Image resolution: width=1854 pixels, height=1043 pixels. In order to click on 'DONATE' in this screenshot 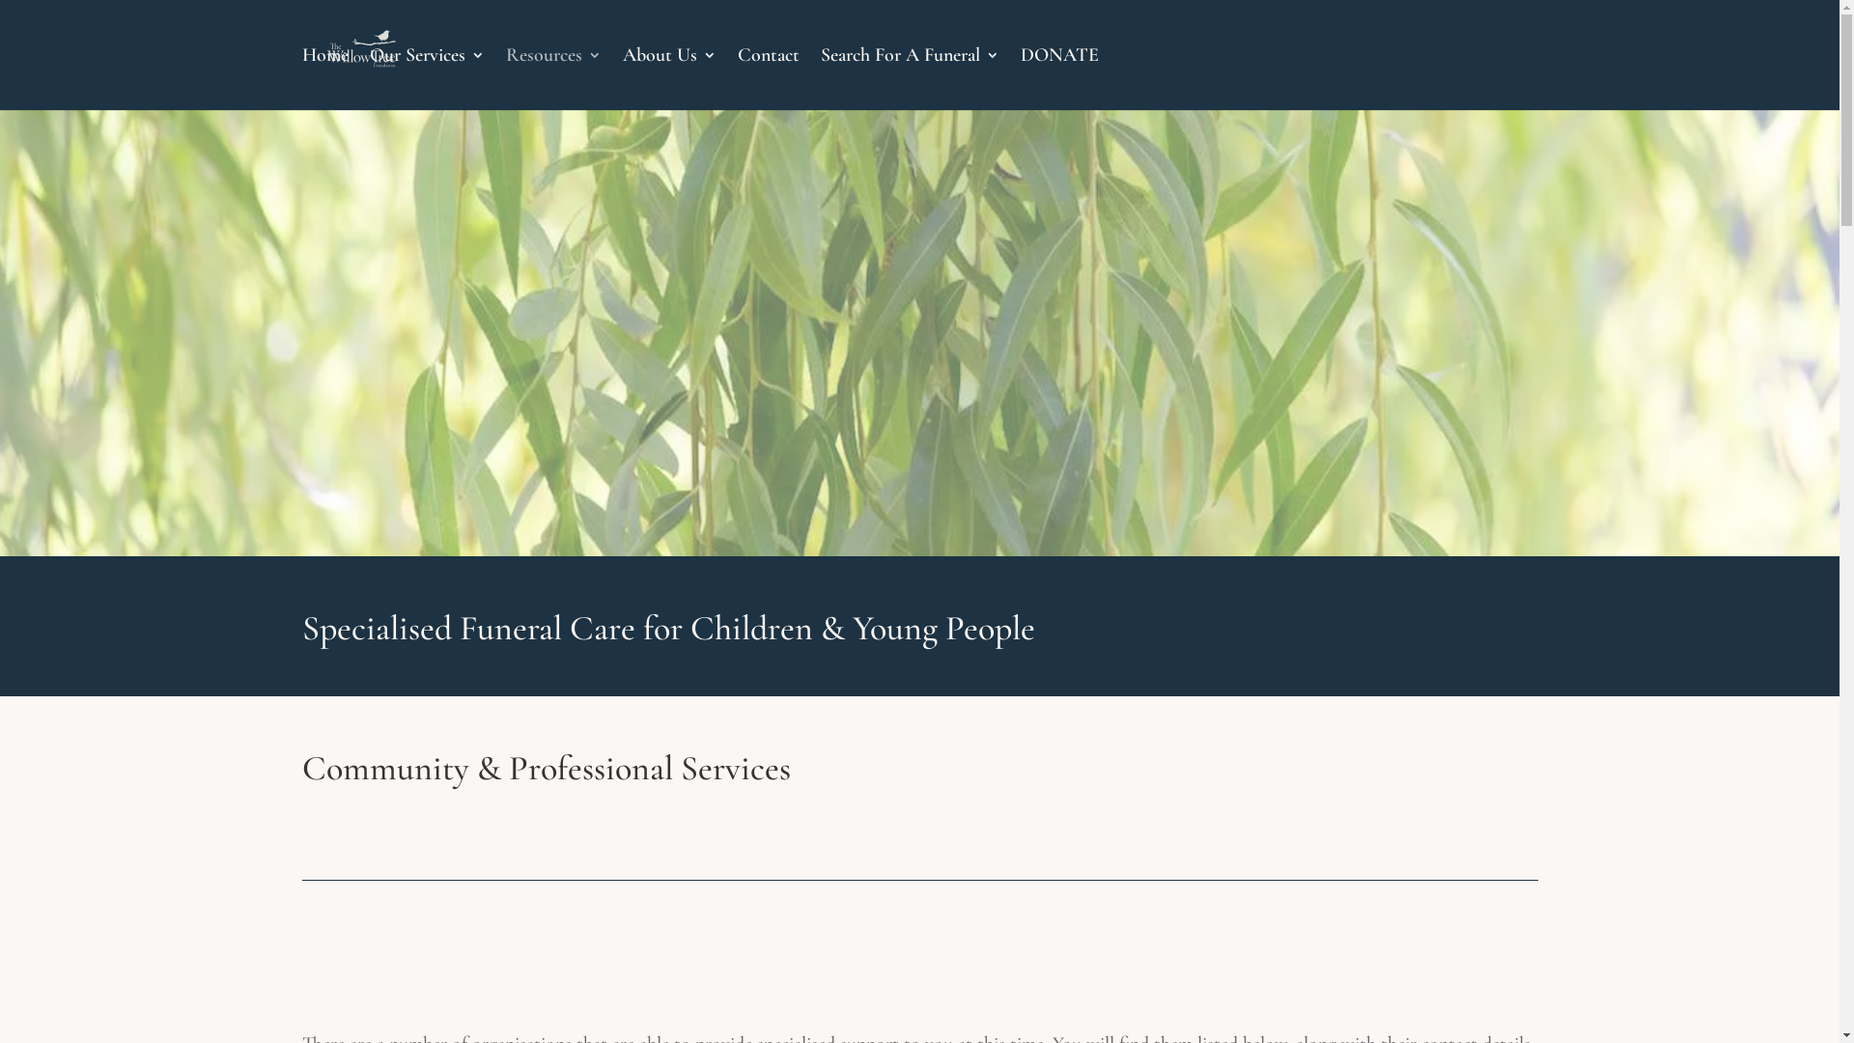, I will do `click(1057, 77)`.